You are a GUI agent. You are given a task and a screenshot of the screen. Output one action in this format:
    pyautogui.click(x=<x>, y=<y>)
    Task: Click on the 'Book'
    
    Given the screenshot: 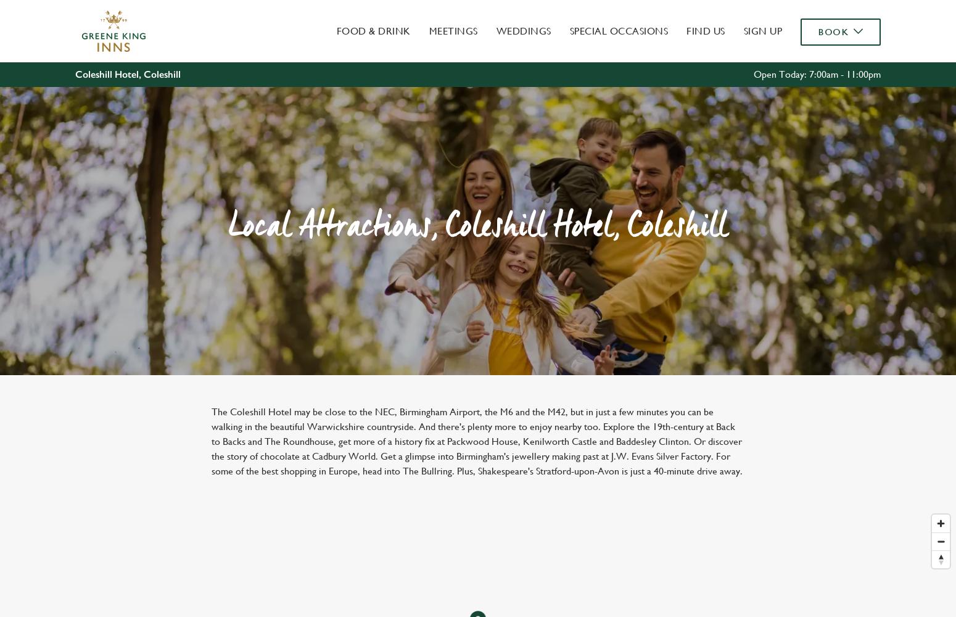 What is the action you would take?
    pyautogui.click(x=833, y=31)
    